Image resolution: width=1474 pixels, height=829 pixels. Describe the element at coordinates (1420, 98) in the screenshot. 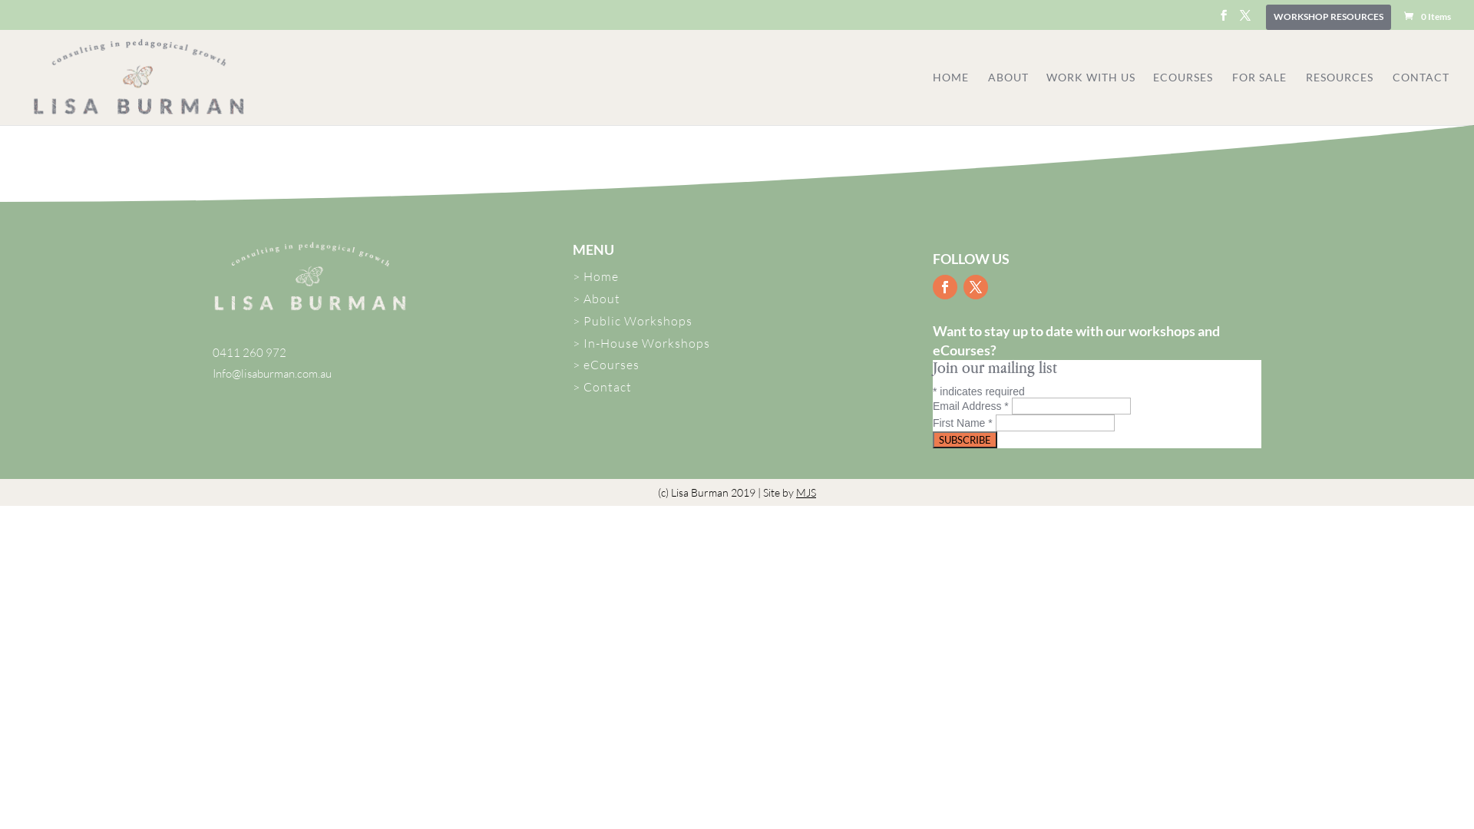

I see `'CONTACT'` at that location.